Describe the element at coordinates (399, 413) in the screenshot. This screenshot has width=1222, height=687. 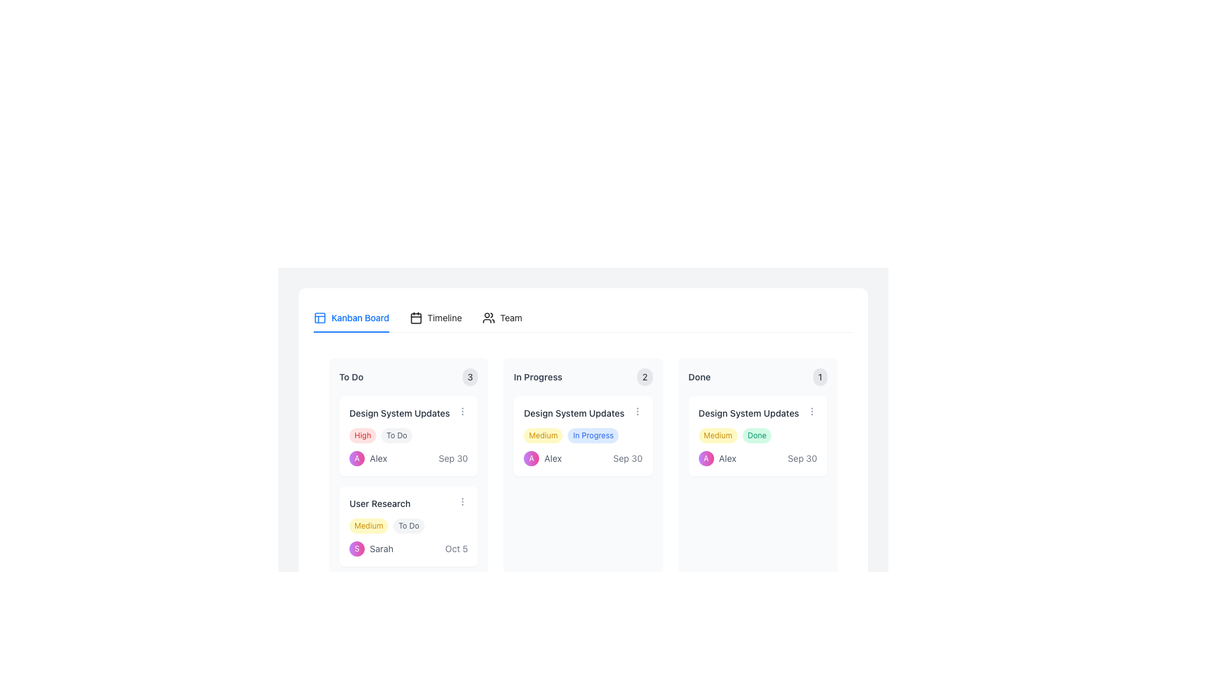
I see `the text label displaying 'Design System Updates' in the 'To Do' column of the Kanban board` at that location.